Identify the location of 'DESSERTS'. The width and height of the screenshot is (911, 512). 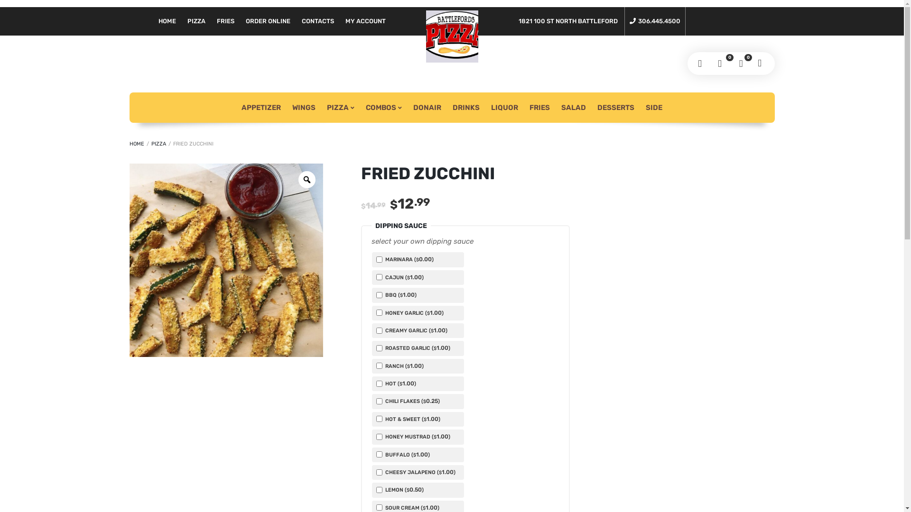
(615, 107).